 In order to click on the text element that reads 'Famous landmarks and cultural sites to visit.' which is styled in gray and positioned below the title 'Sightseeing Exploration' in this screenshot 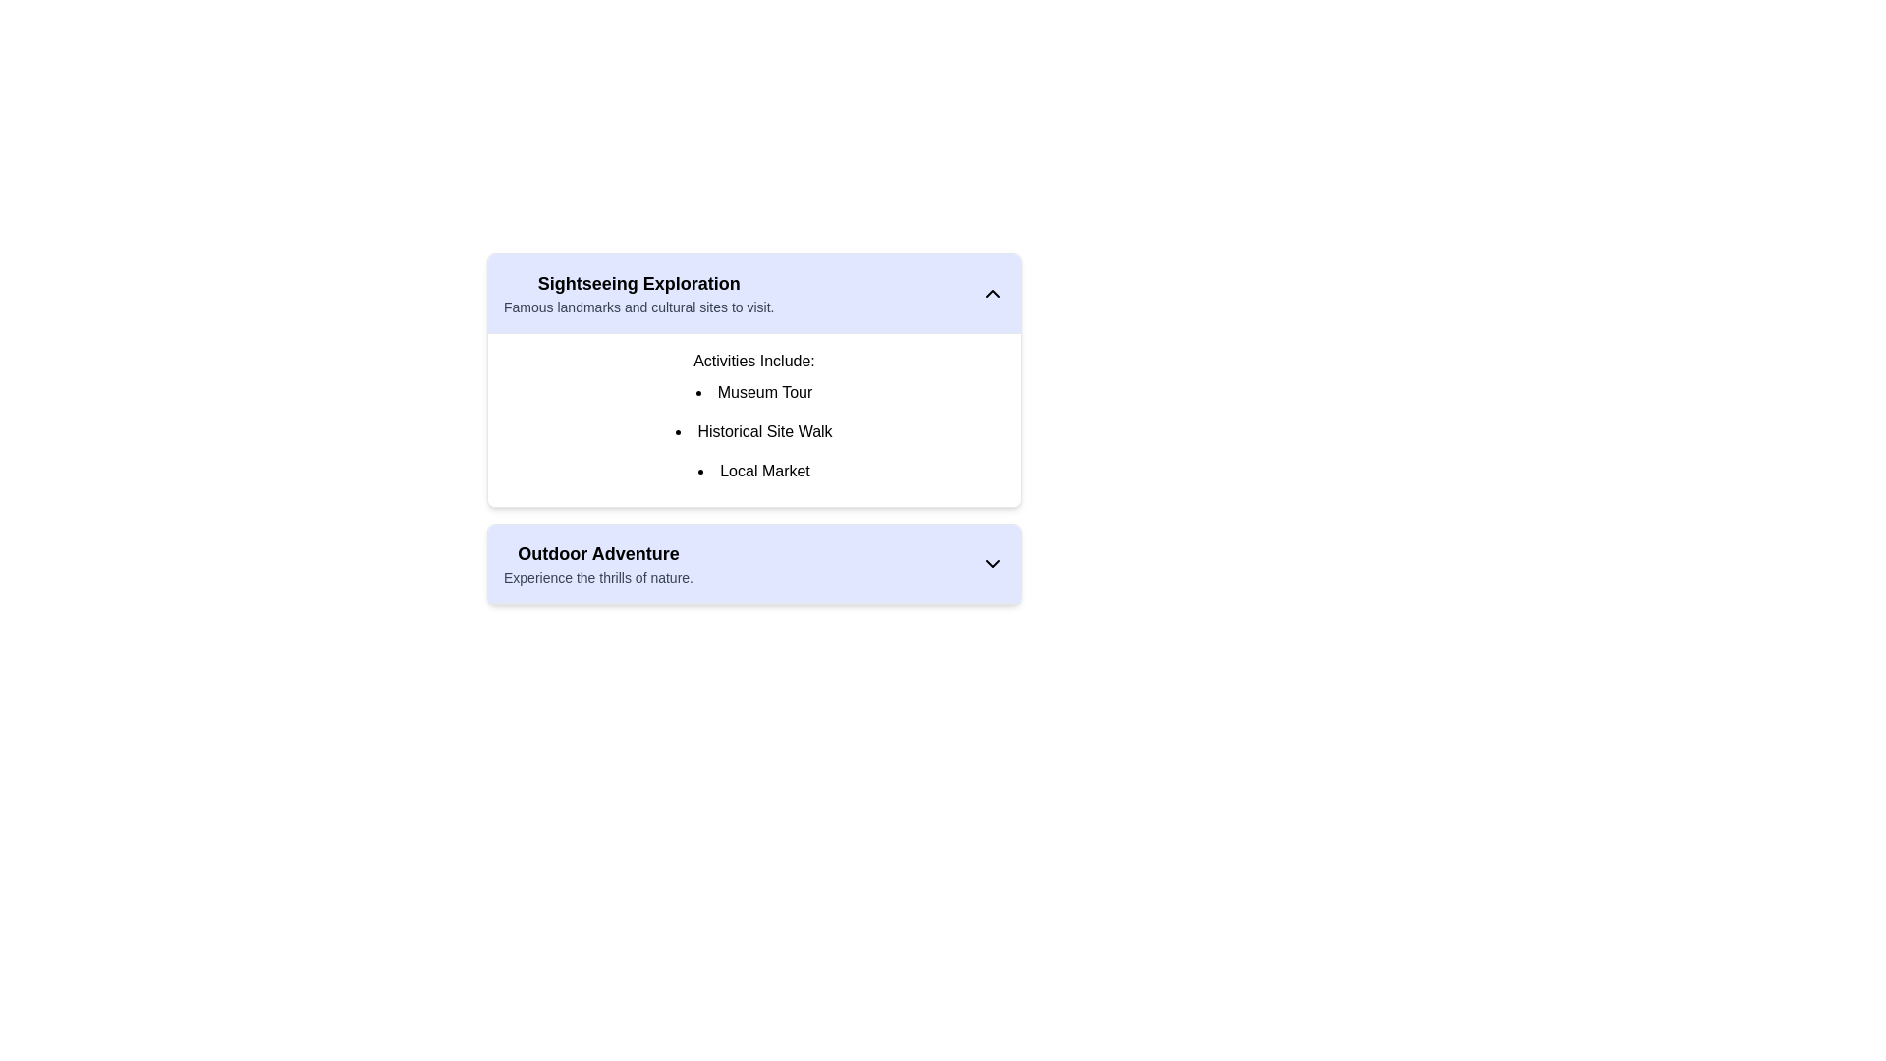, I will do `click(638, 307)`.